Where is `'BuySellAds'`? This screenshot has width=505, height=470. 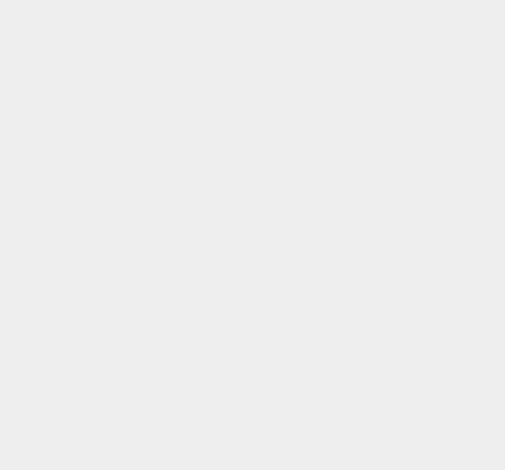 'BuySellAds' is located at coordinates (372, 219).